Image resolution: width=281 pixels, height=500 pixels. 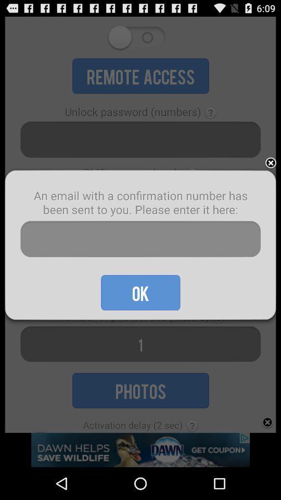 I want to click on box, so click(x=271, y=163).